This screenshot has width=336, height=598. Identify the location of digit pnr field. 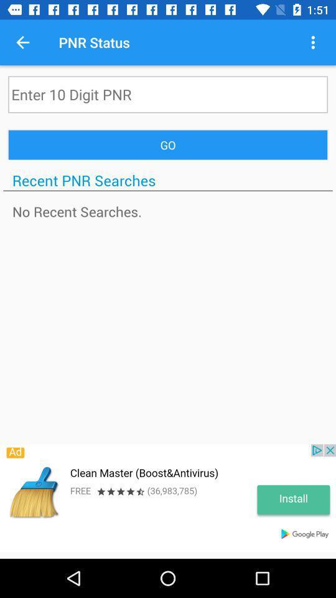
(168, 93).